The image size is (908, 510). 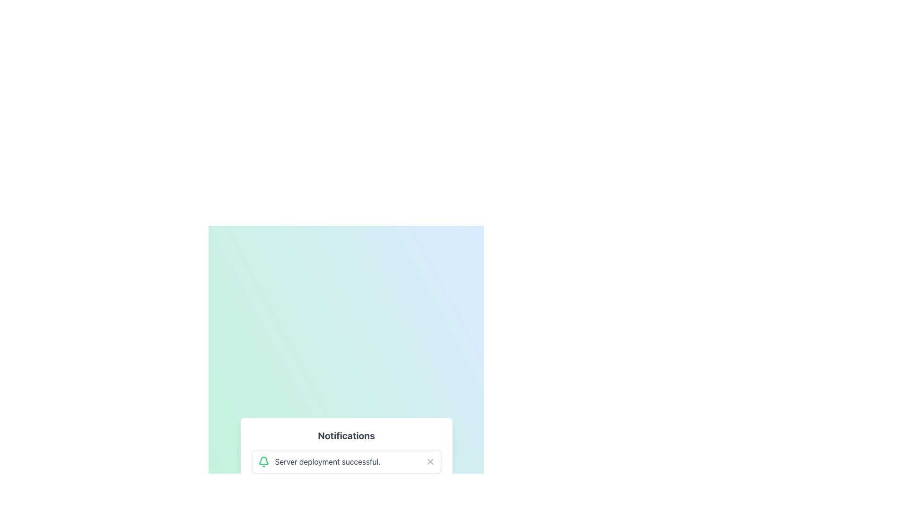 What do you see at coordinates (263, 460) in the screenshot?
I see `the bell icon, which features a green stroke and is part of a larger notification component, located near the top of the notification content` at bounding box center [263, 460].